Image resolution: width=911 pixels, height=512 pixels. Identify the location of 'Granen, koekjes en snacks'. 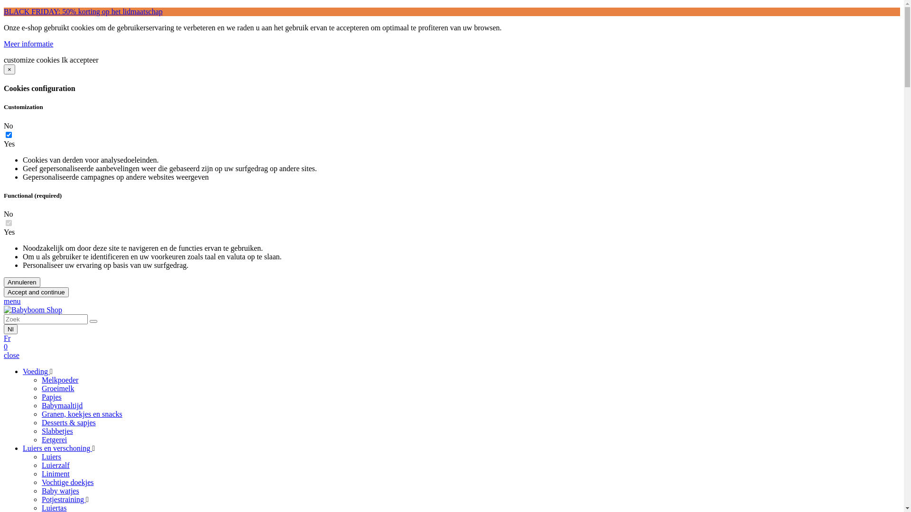
(82, 413).